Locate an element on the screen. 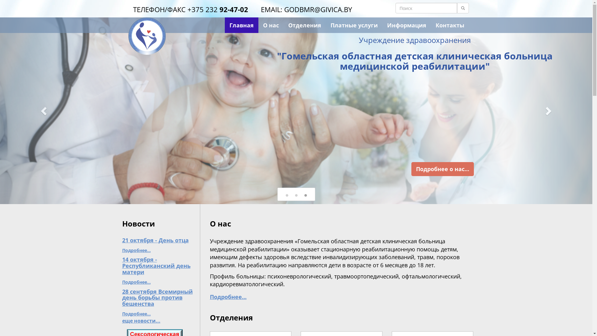  'Next' is located at coordinates (548, 110).